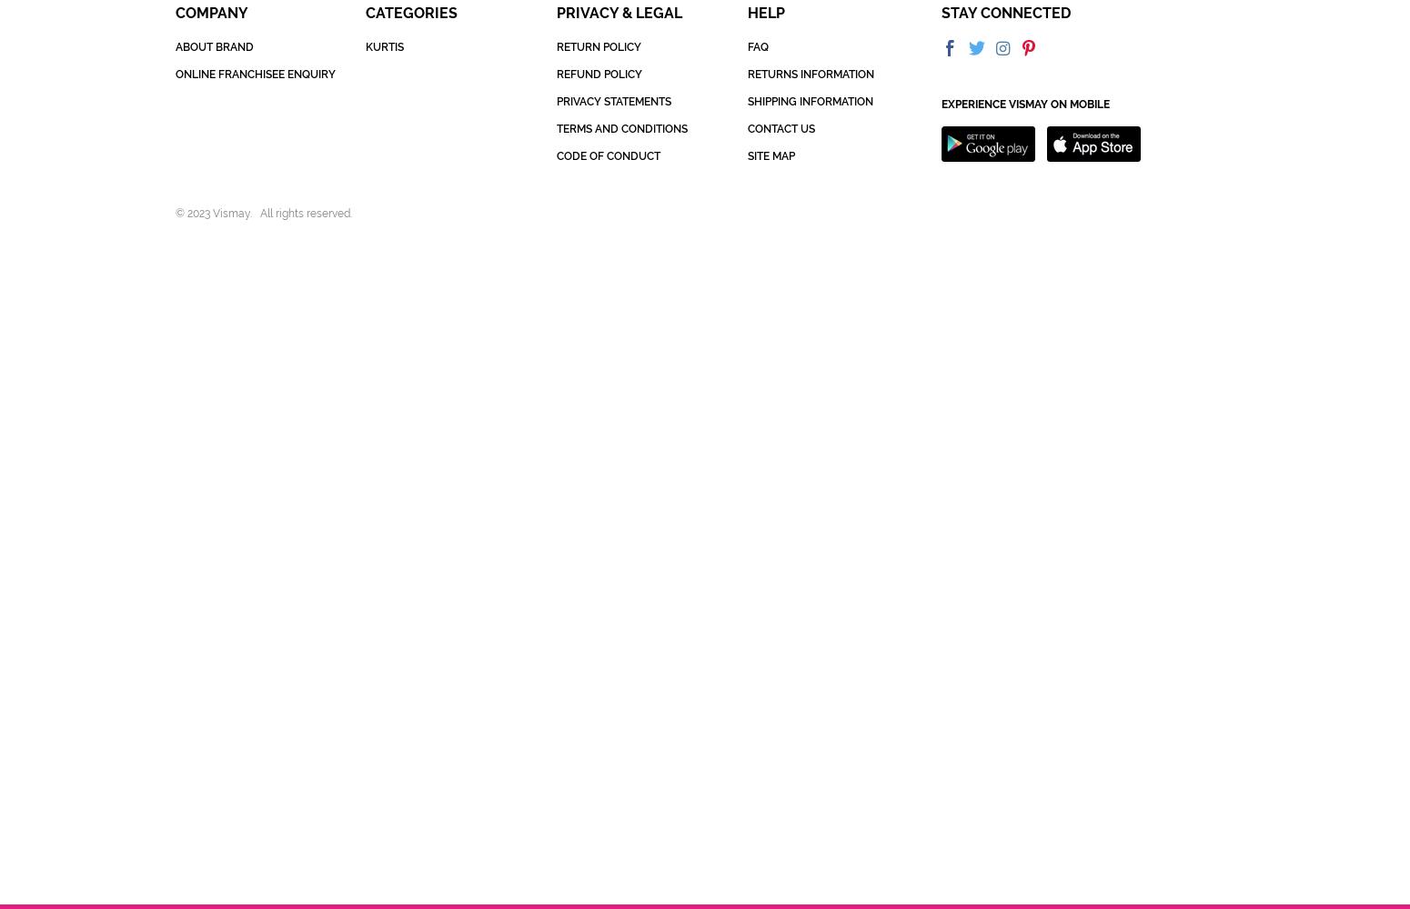  What do you see at coordinates (619, 129) in the screenshot?
I see `'Terms and Conditions'` at bounding box center [619, 129].